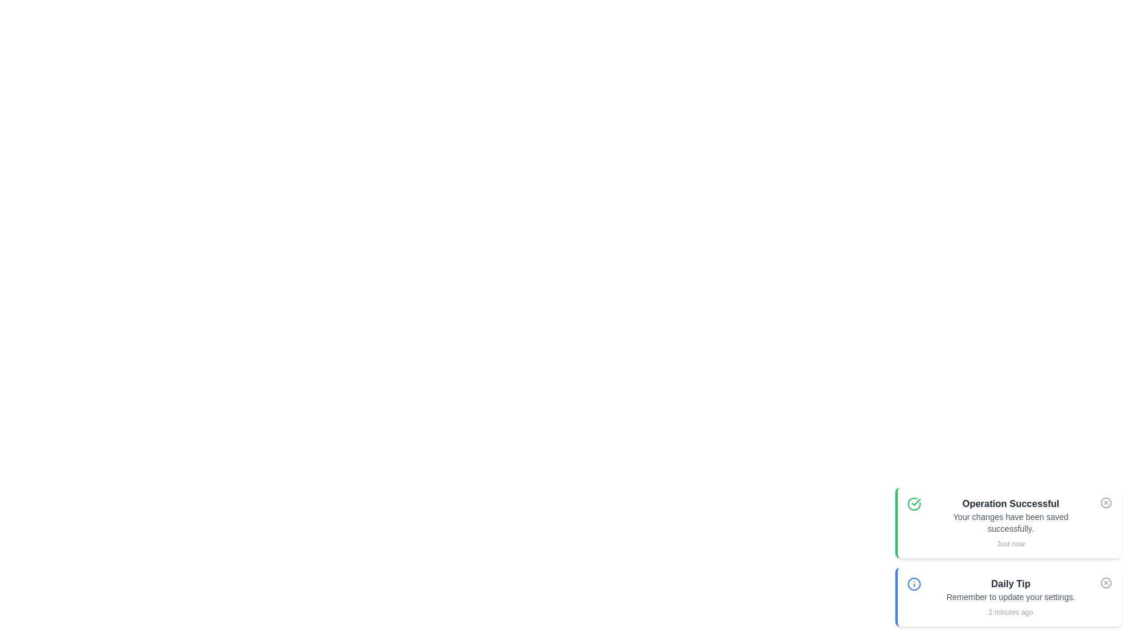 The image size is (1131, 636). What do you see at coordinates (1010, 612) in the screenshot?
I see `the Text Label displaying '2 minutes ago', which is located under the 'Daily Tip' component, below 'Remember to update your settings'` at bounding box center [1010, 612].